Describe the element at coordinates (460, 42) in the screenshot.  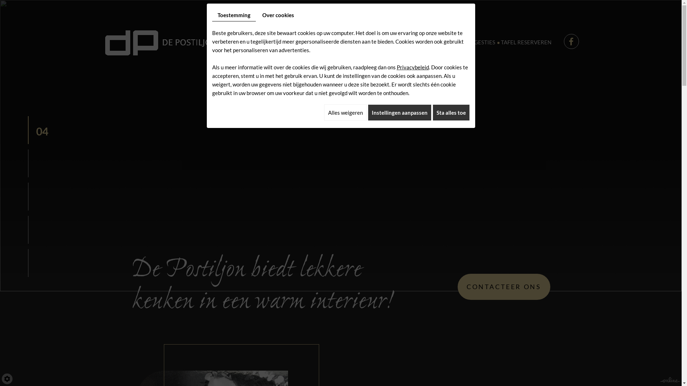
I see `'SUGGESTIES'` at that location.